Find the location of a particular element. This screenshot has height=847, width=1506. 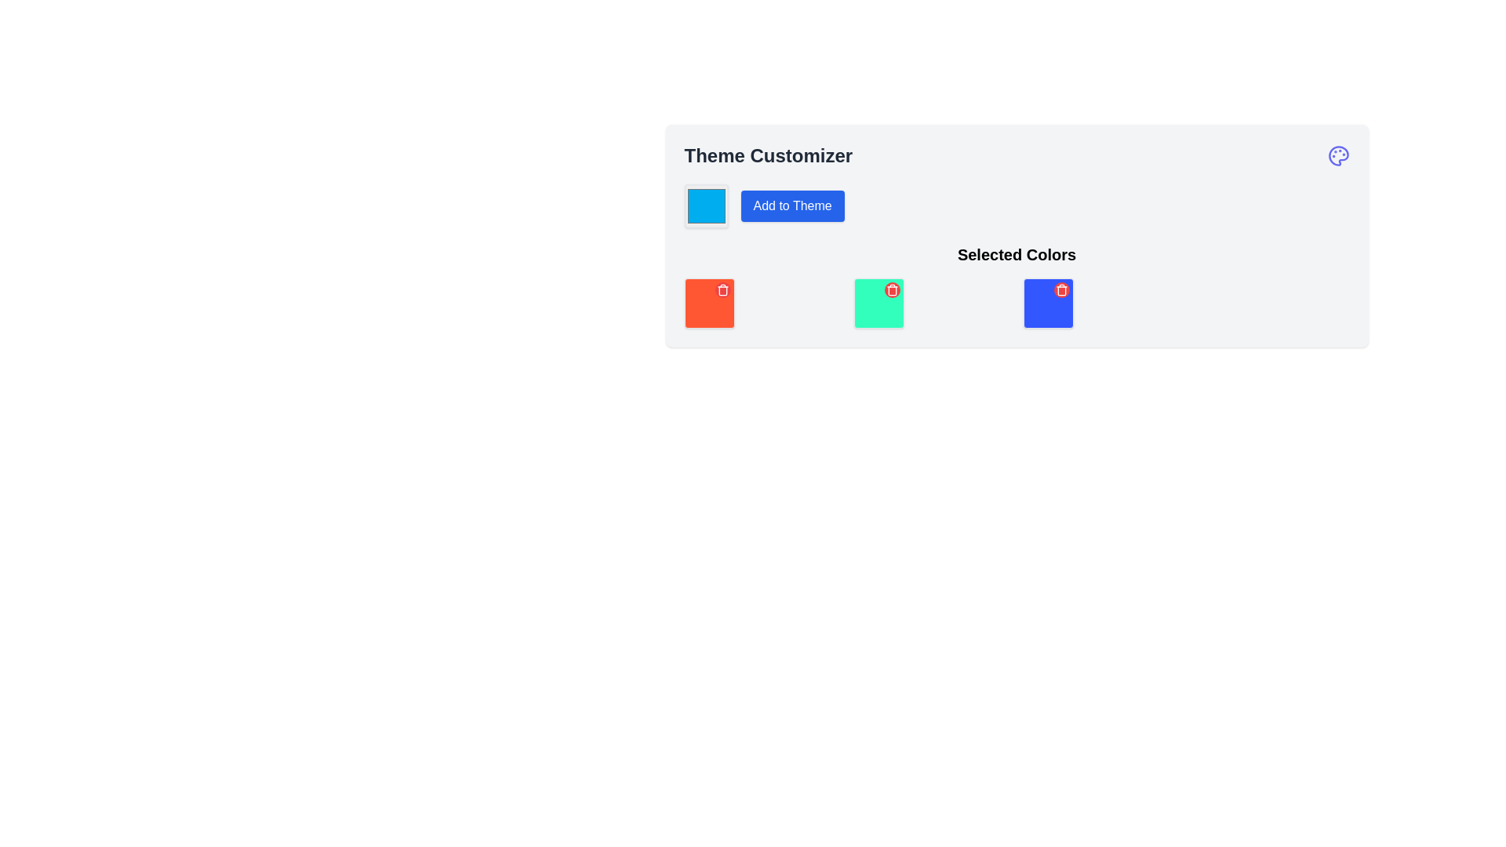

the red circular button with a white trash can icon located at the top-right corner of the blue square is located at coordinates (1061, 290).